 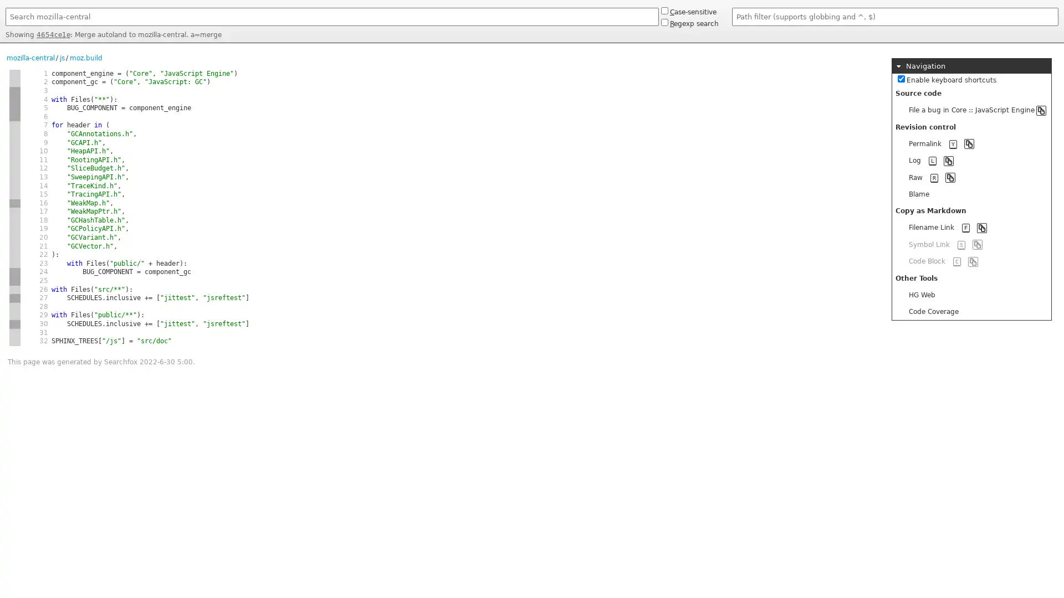 I want to click on Code Block C, so click(x=971, y=261).